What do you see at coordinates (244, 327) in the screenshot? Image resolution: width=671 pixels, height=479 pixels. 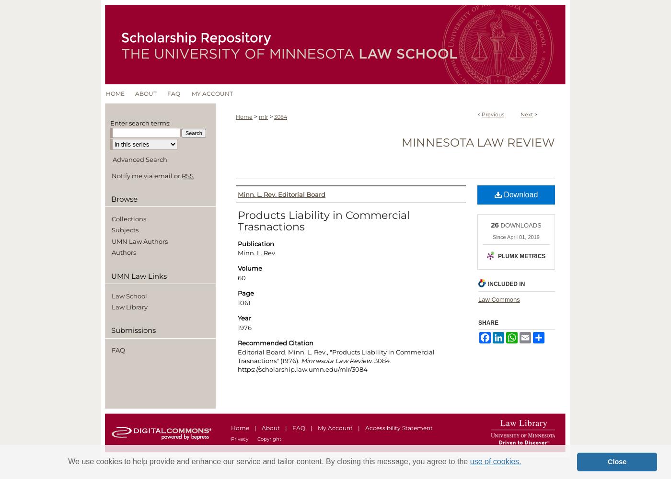 I see `'1976'` at bounding box center [244, 327].